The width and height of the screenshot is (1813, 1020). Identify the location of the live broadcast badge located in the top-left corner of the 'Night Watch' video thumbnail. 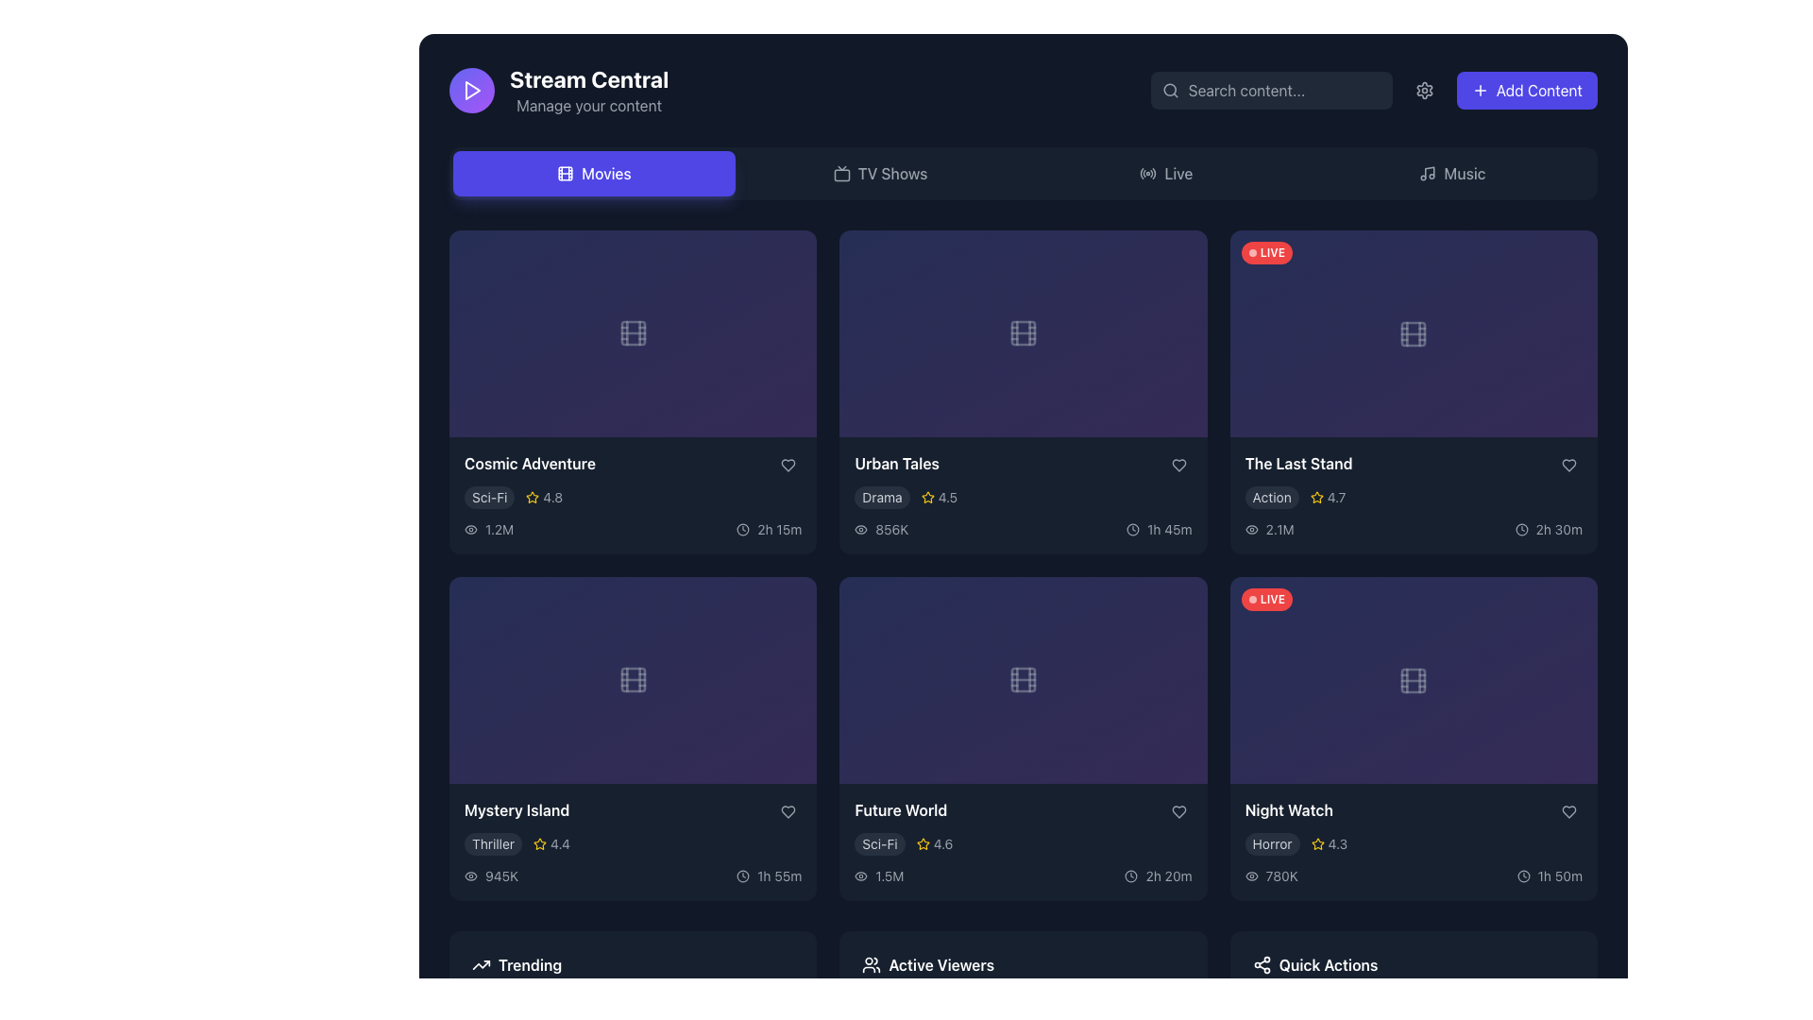
(1266, 600).